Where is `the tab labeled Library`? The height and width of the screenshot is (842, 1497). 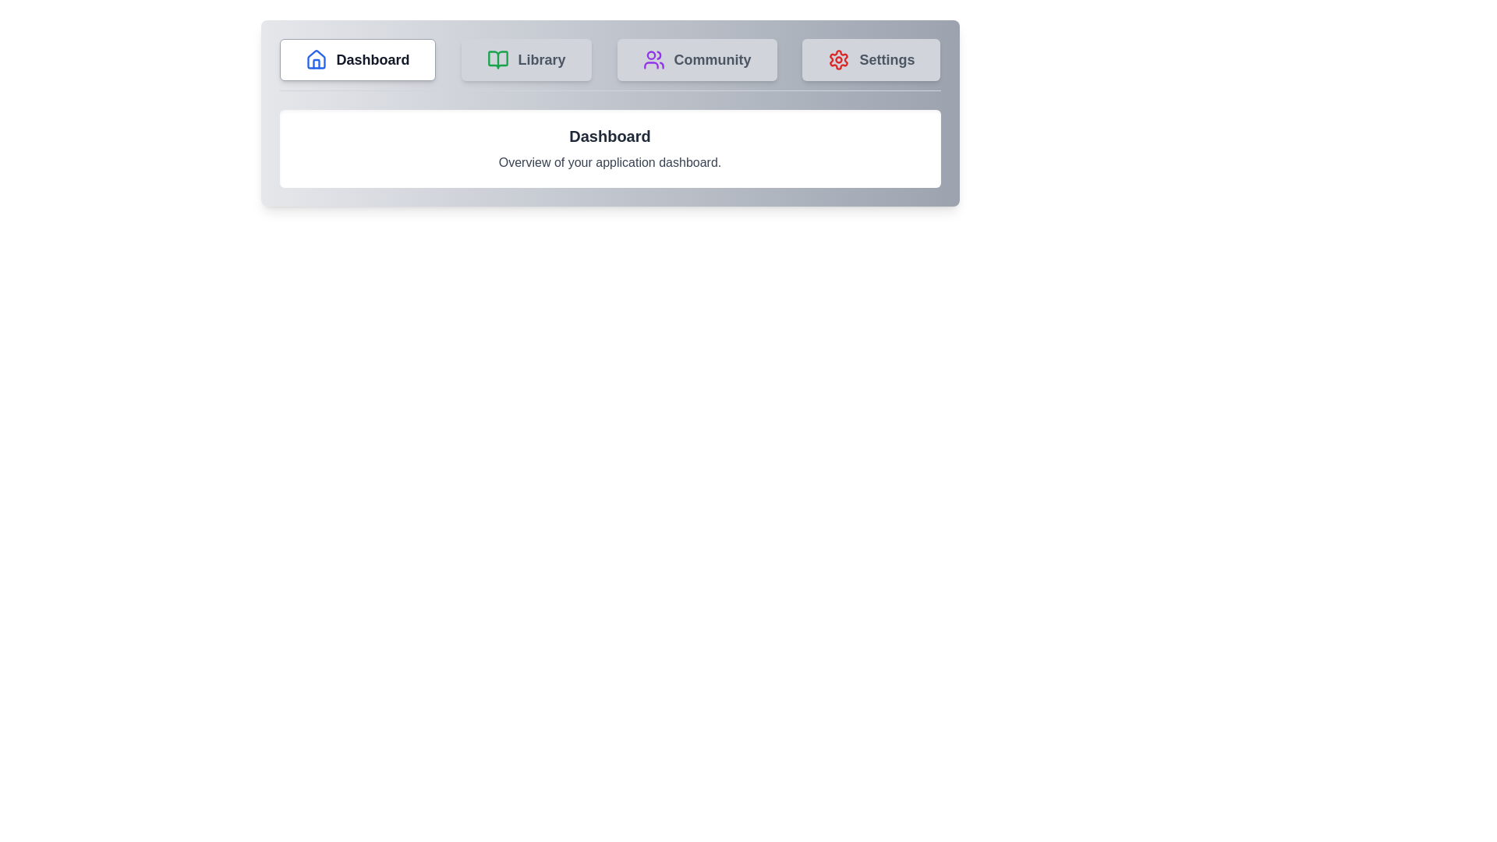 the tab labeled Library is located at coordinates (526, 59).